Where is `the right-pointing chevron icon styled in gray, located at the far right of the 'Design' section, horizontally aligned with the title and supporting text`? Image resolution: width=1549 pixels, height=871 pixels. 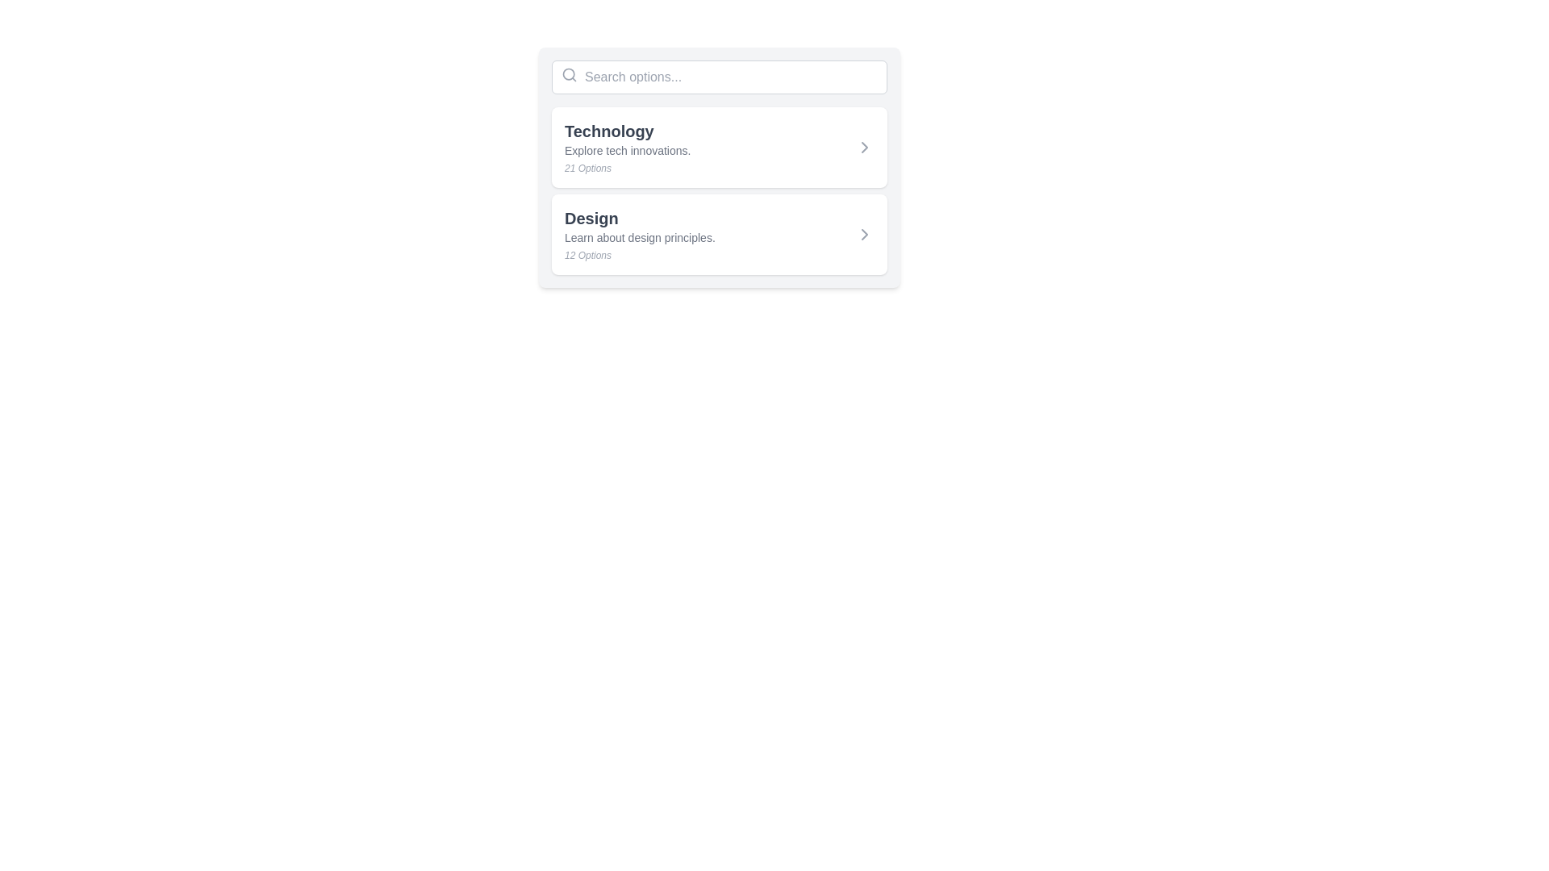
the right-pointing chevron icon styled in gray, located at the far right of the 'Design' section, horizontally aligned with the title and supporting text is located at coordinates (863, 234).